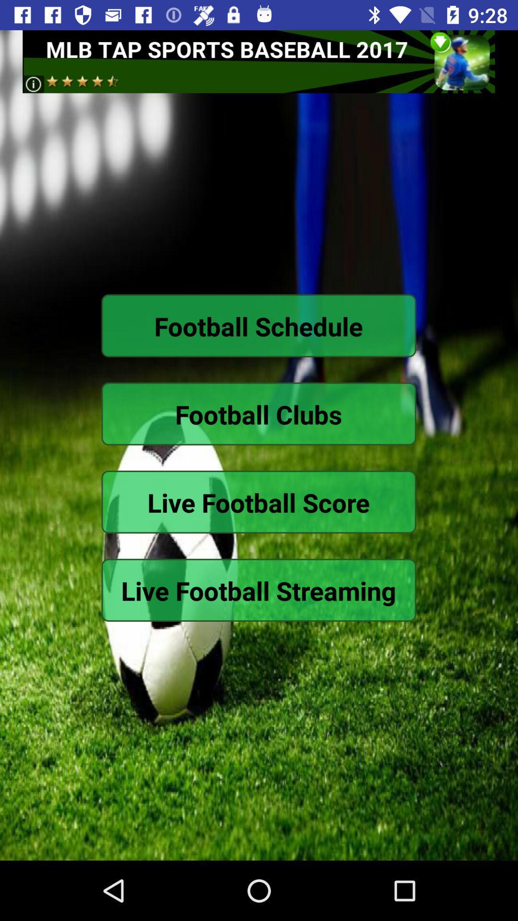 The width and height of the screenshot is (518, 921). I want to click on open advertisement, so click(258, 61).